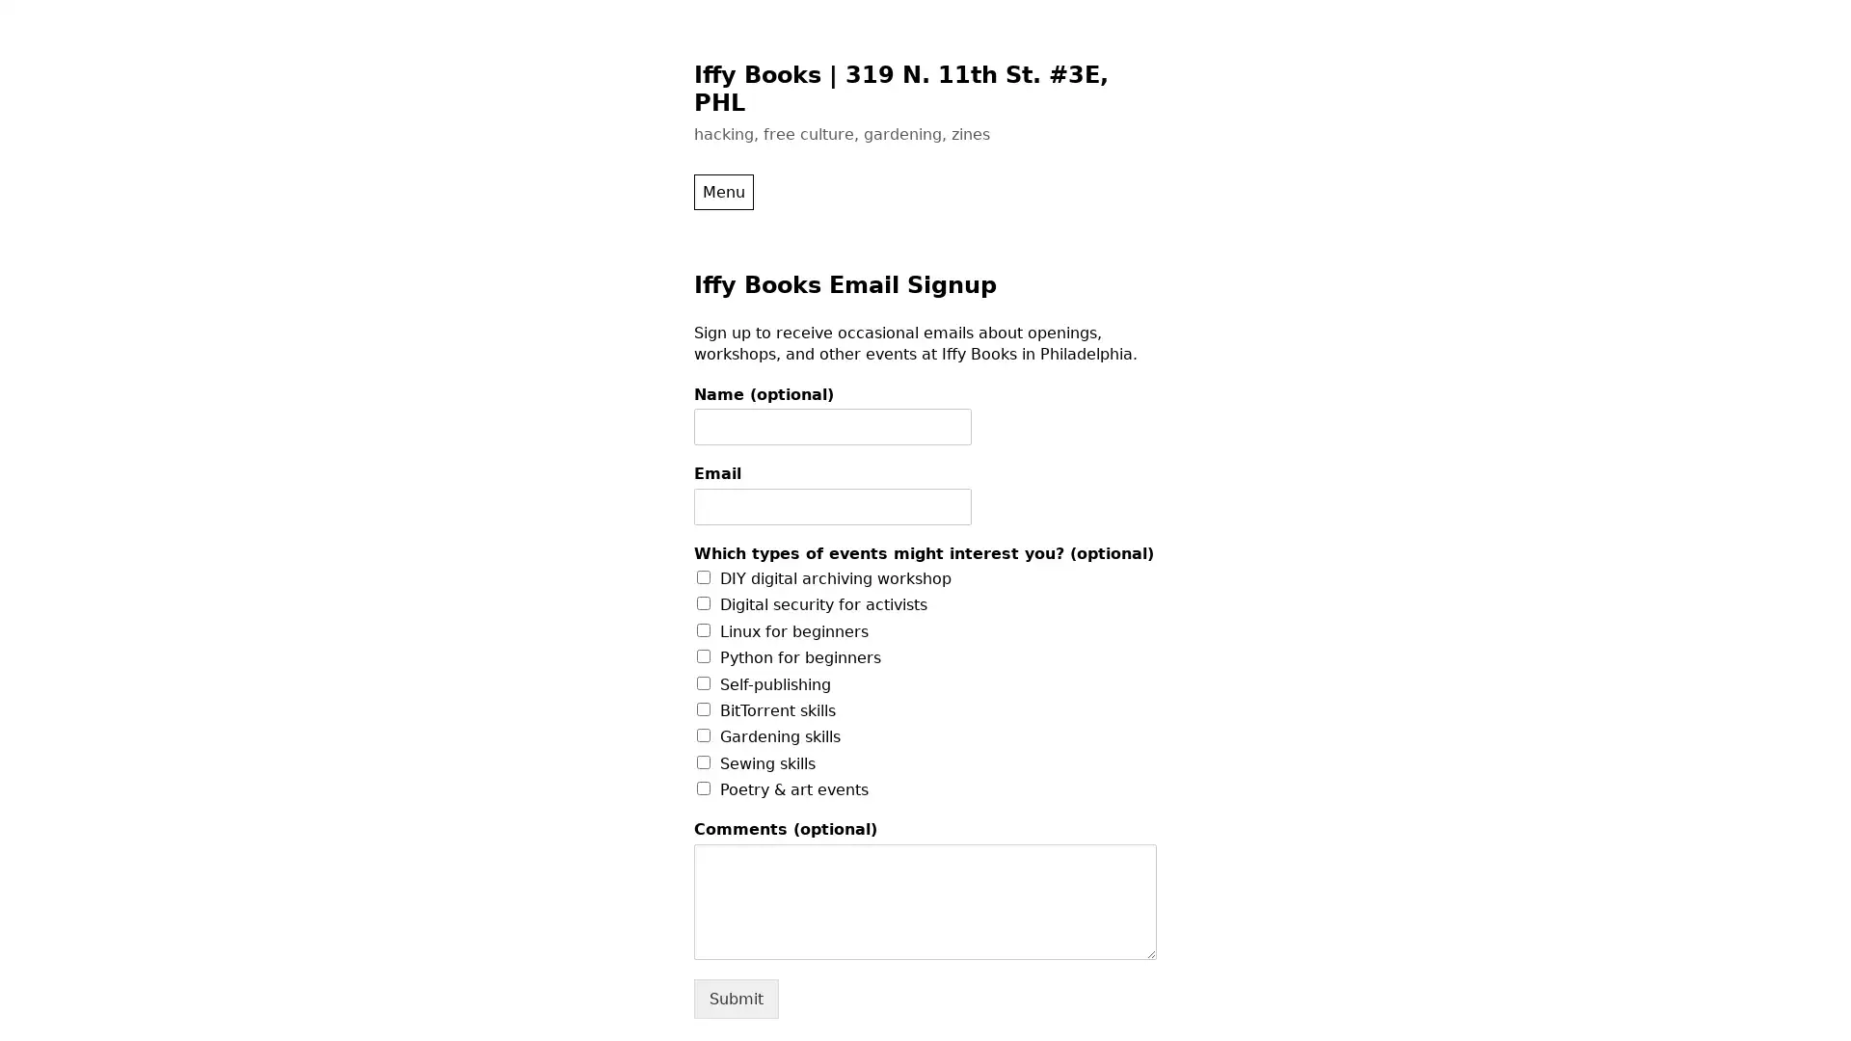 The width and height of the screenshot is (1851, 1041). Describe the element at coordinates (735, 998) in the screenshot. I see `Submit` at that location.